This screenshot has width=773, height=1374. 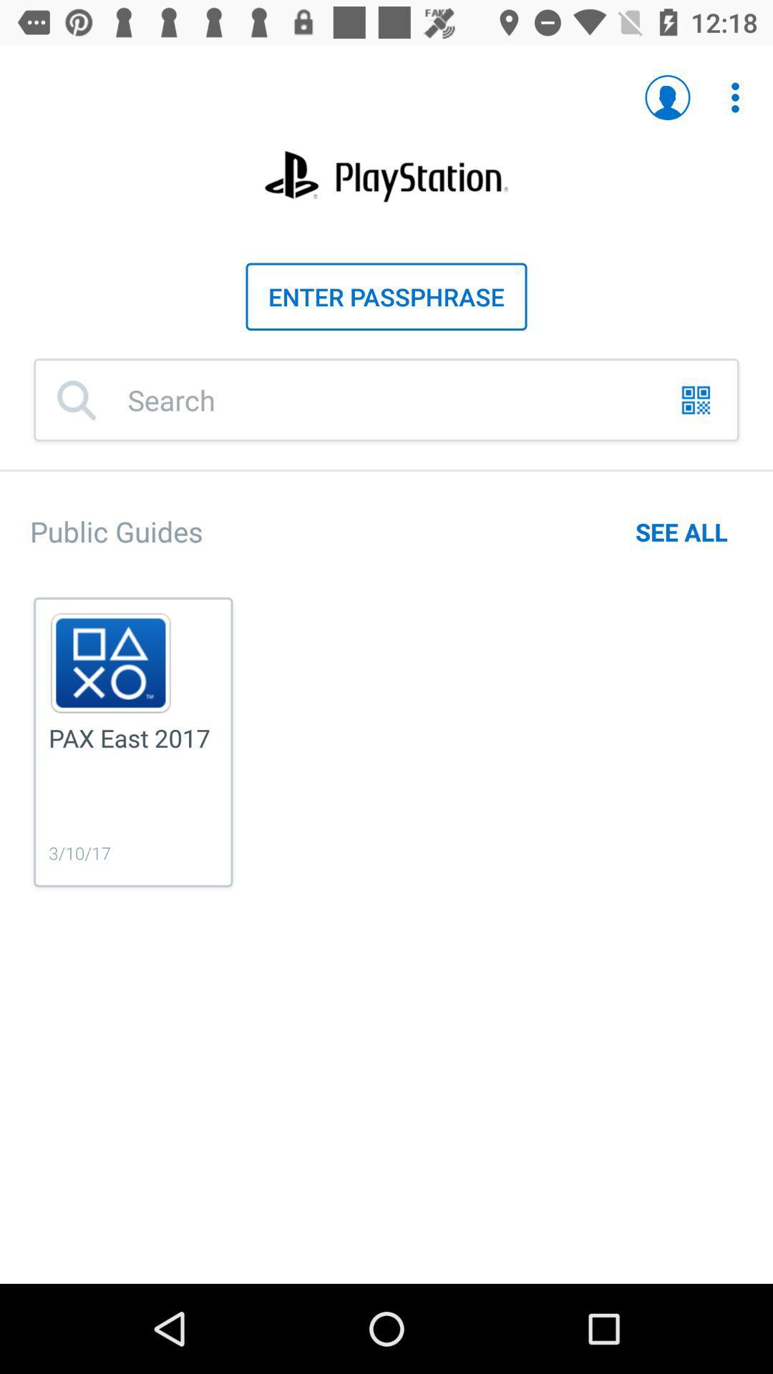 I want to click on the second icon which is at the top right corner, so click(x=727, y=89).